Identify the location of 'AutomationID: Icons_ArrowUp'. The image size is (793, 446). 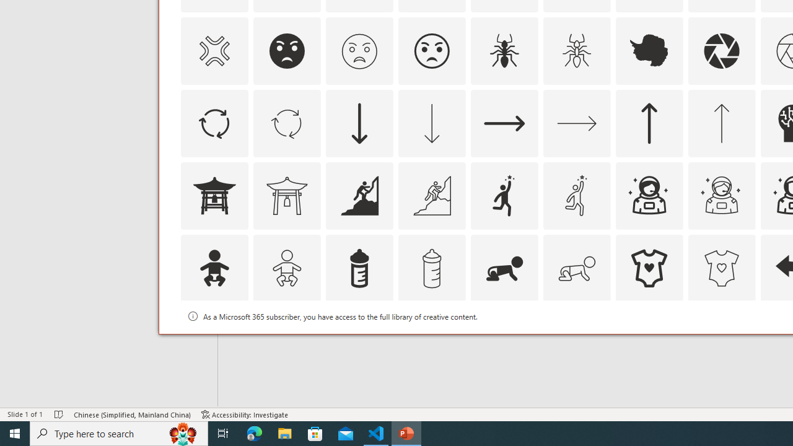
(649, 123).